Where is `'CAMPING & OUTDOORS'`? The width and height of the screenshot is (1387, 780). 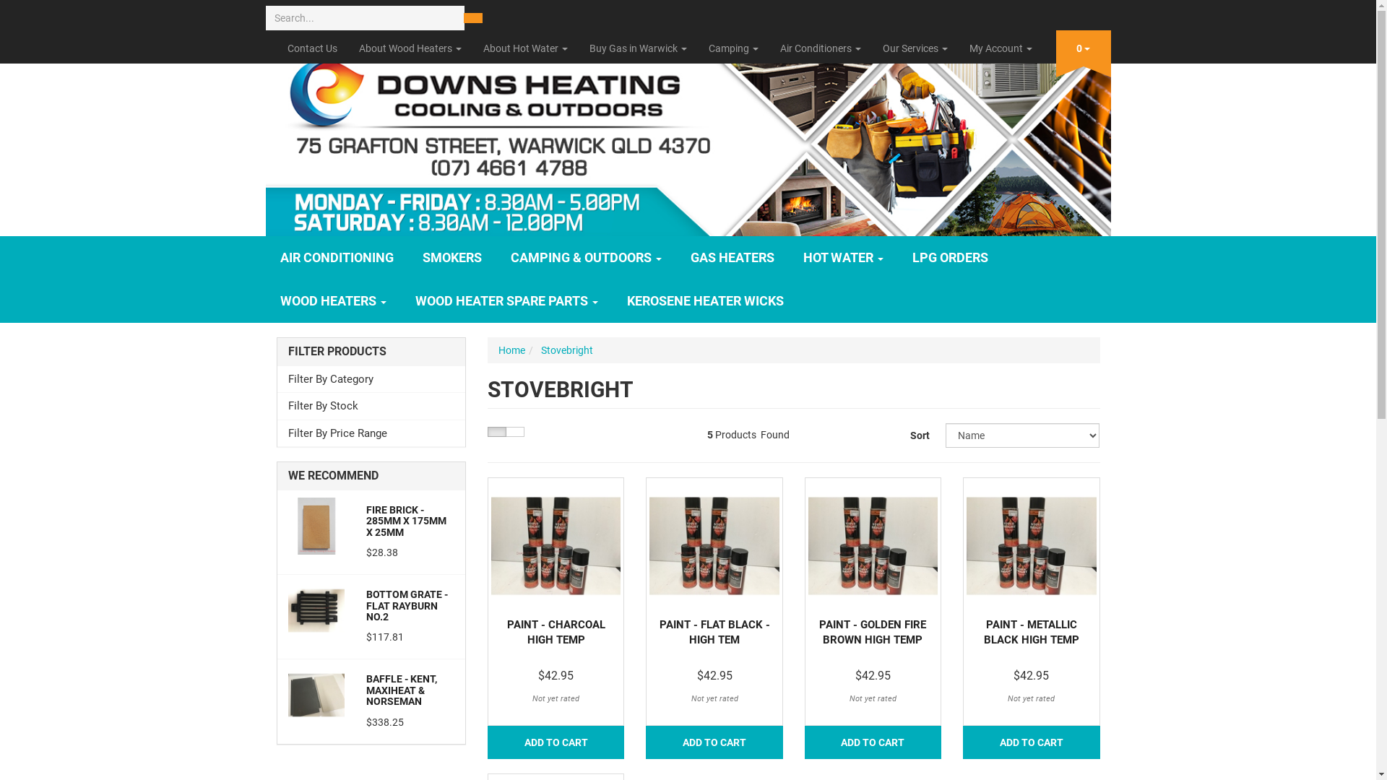 'CAMPING & OUTDOORS' is located at coordinates (496, 257).